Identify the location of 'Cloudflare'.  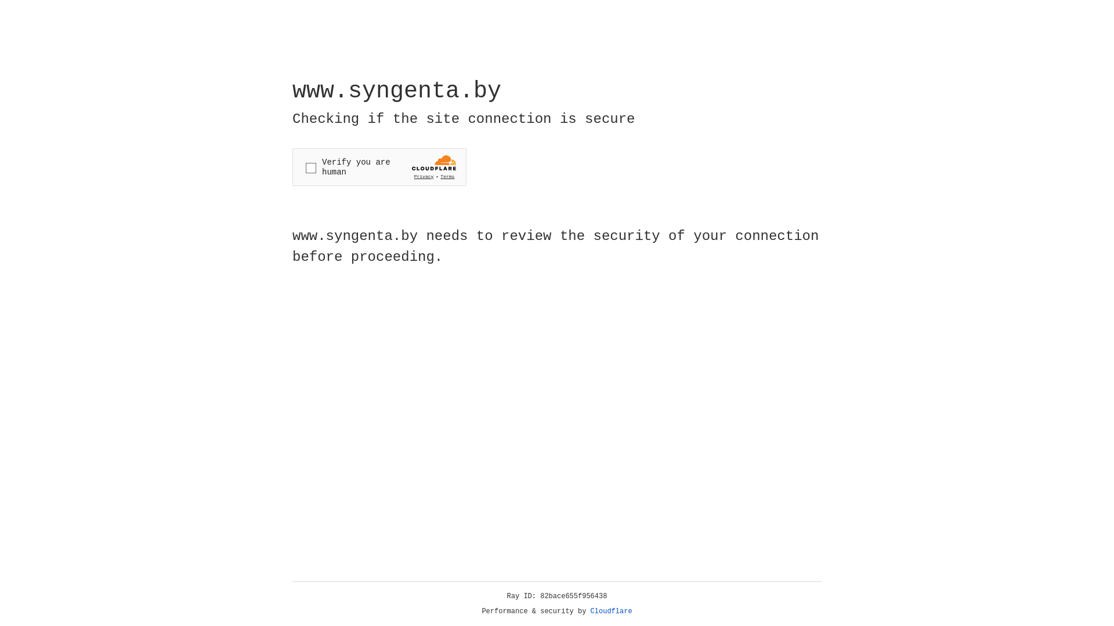
(611, 611).